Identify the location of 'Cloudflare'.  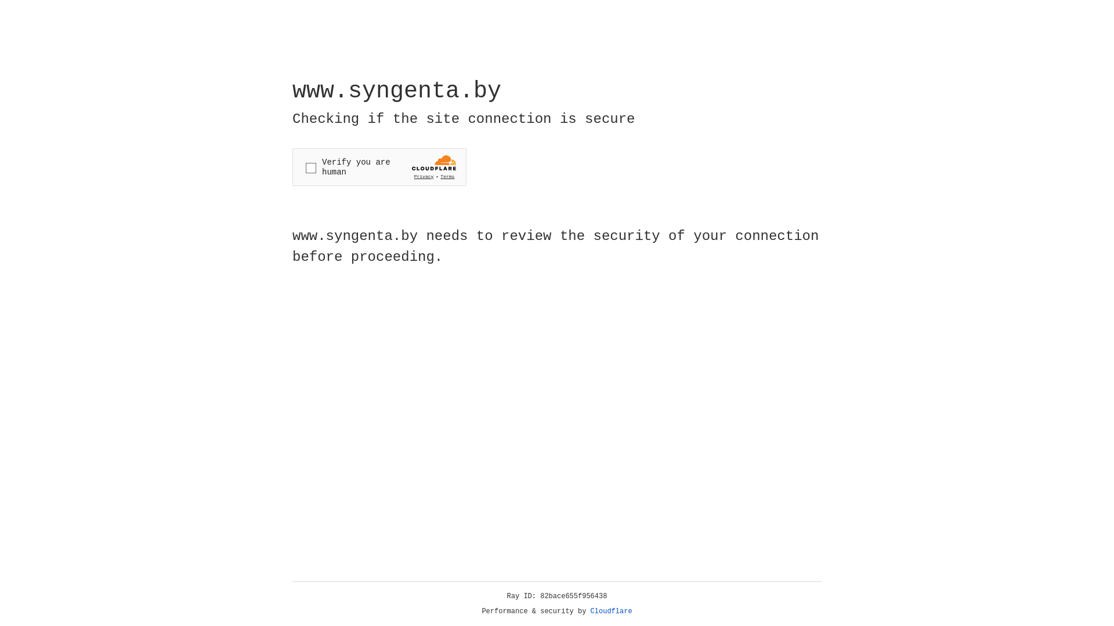
(611, 611).